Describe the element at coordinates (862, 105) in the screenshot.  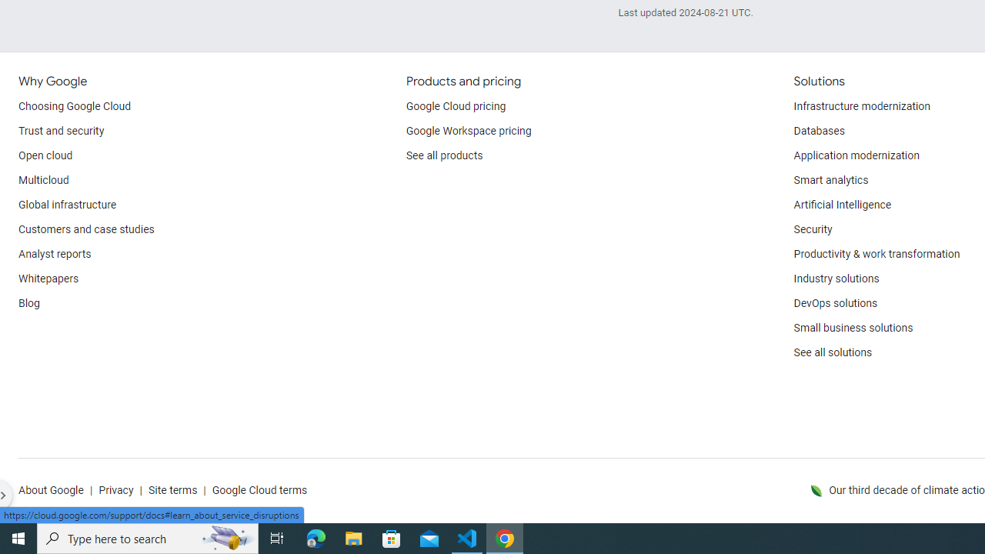
I see `'Infrastructure modernization'` at that location.